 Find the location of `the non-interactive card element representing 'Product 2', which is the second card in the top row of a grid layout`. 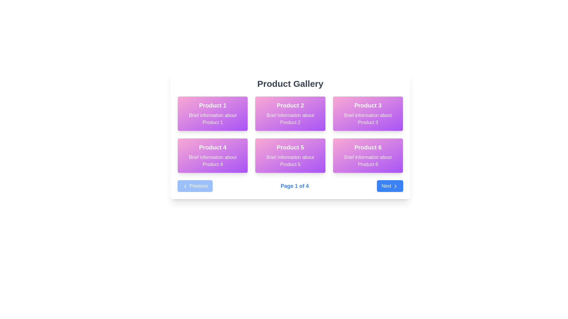

the non-interactive card element representing 'Product 2', which is the second card in the top row of a grid layout is located at coordinates (290, 114).